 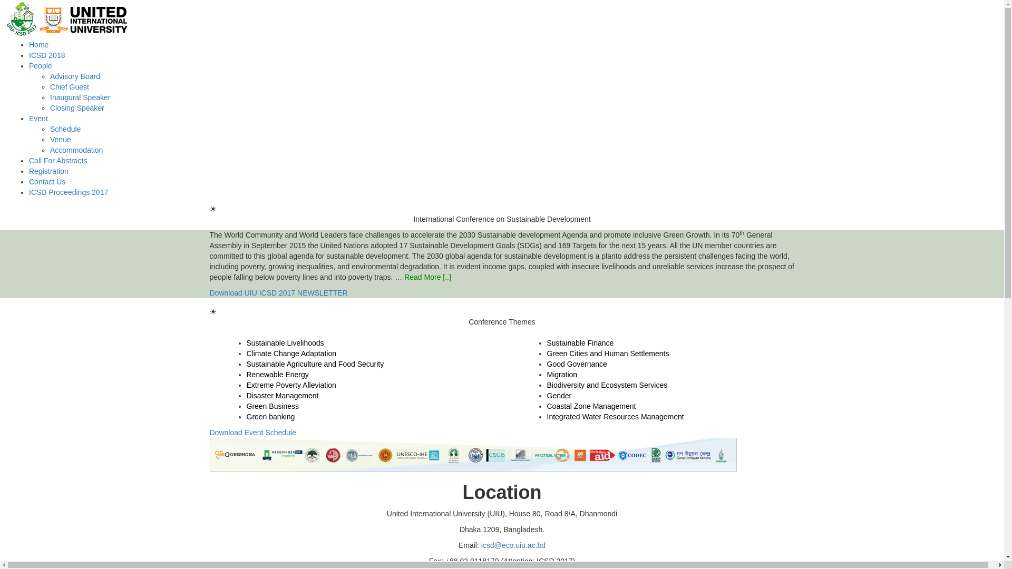 I want to click on 'Read More [..]', so click(x=427, y=276).